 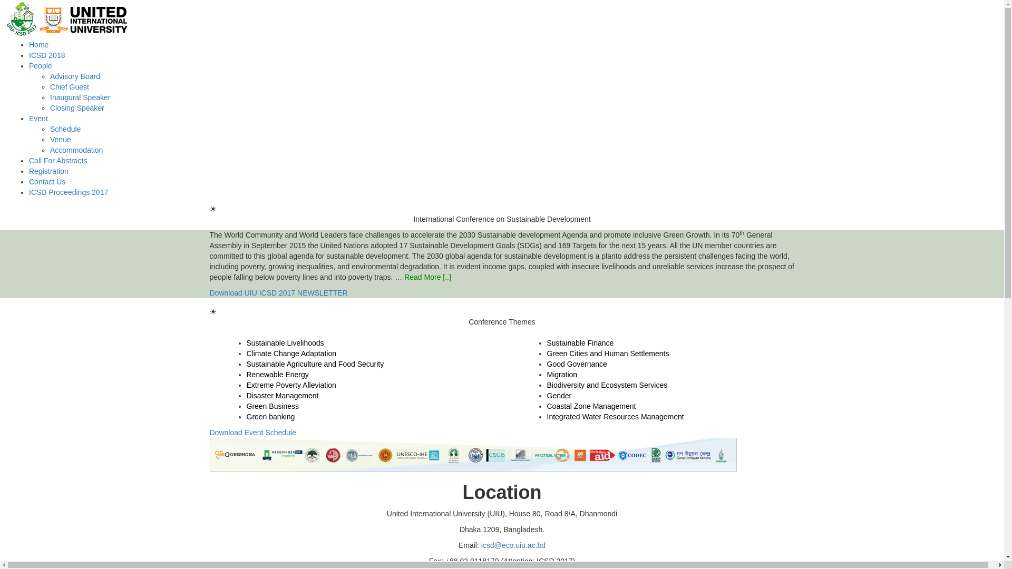 I want to click on 'Read More [..]', so click(x=427, y=276).